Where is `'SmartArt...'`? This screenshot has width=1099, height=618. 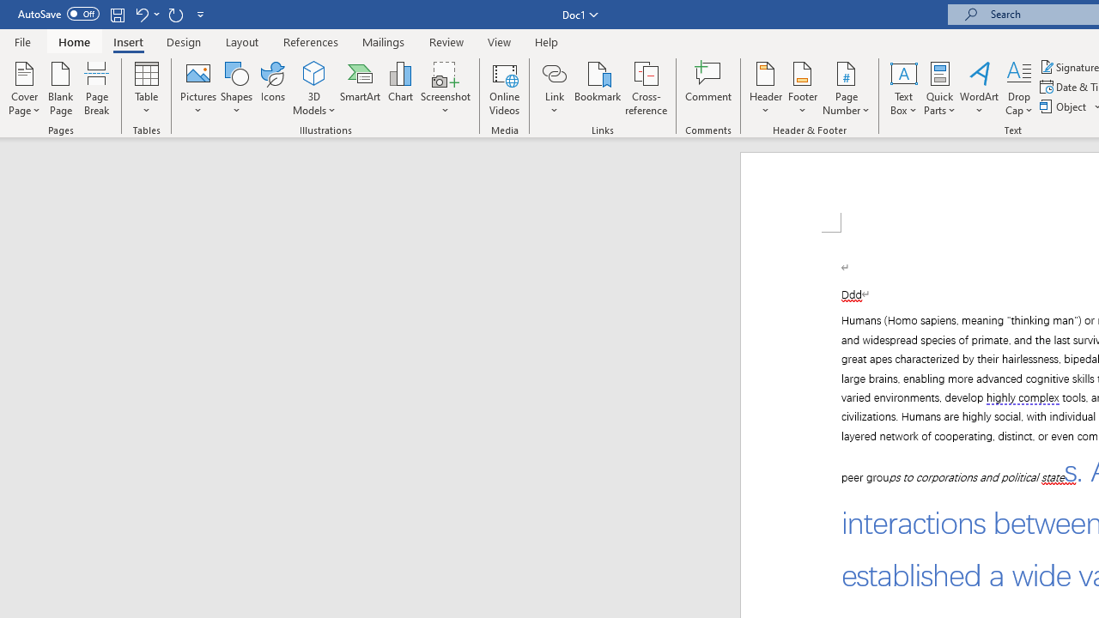
'SmartArt...' is located at coordinates (359, 88).